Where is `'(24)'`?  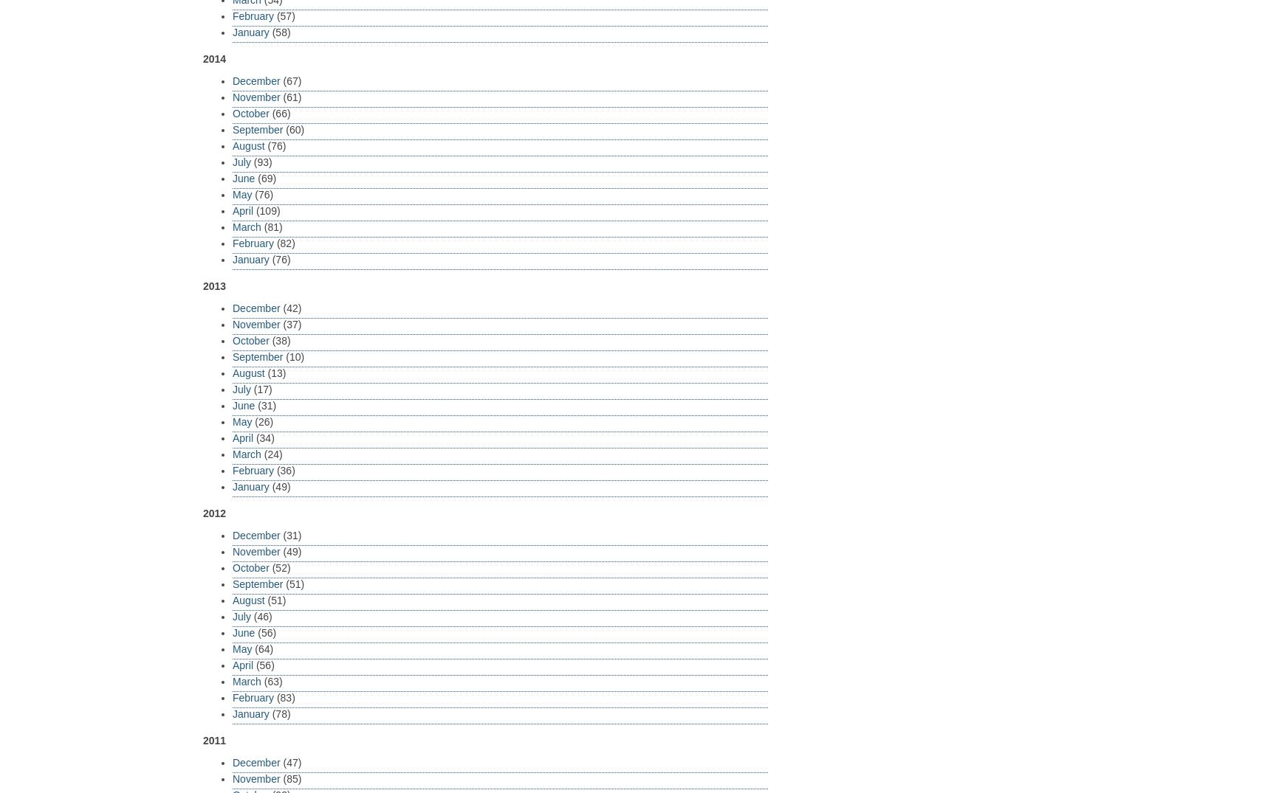 '(24)' is located at coordinates (270, 453).